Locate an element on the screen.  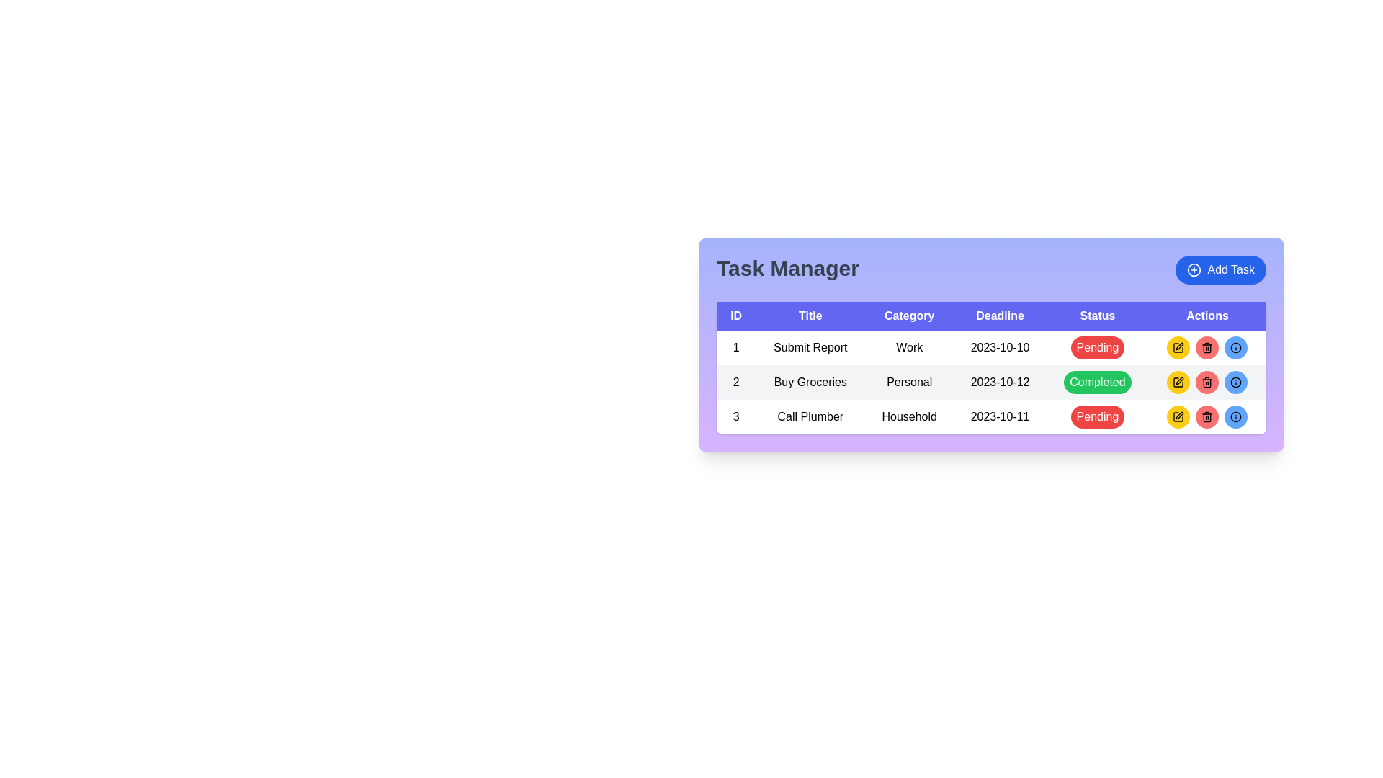
the circular information icon located in the 'Actions' column of the third row in the task table is located at coordinates (1235, 416).